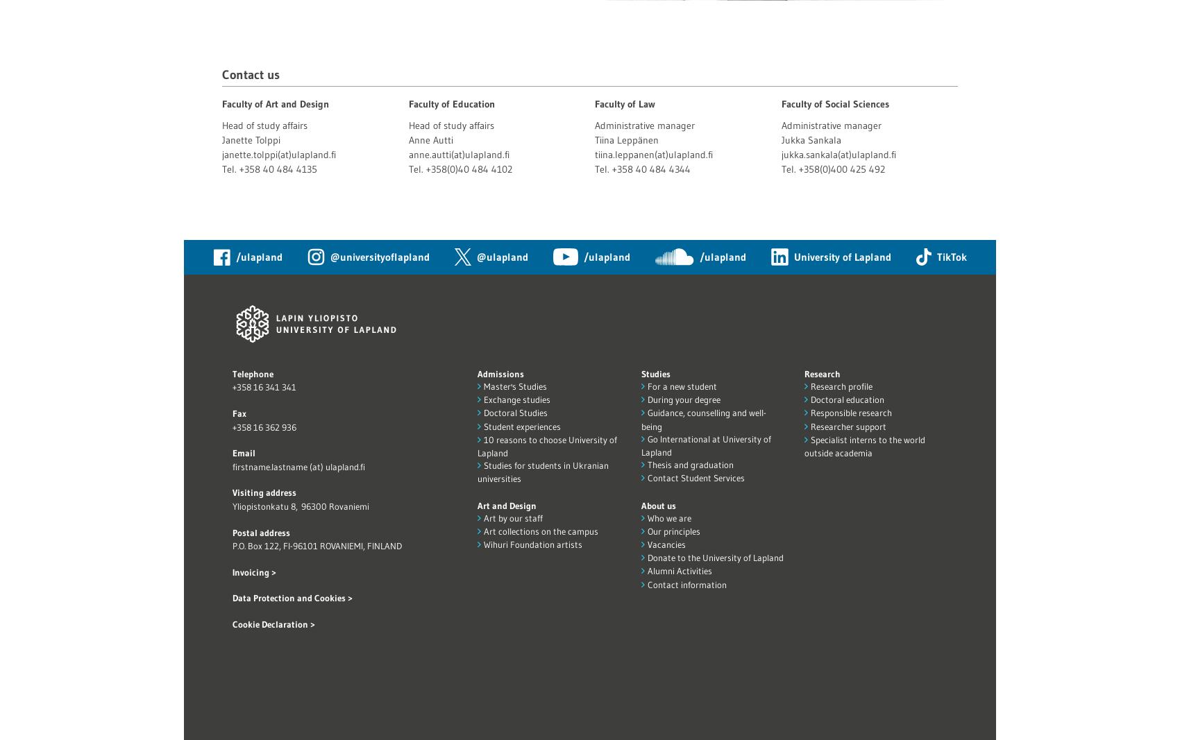 The height and width of the screenshot is (740, 1180). I want to click on 'Cookie Declaration >', so click(273, 624).